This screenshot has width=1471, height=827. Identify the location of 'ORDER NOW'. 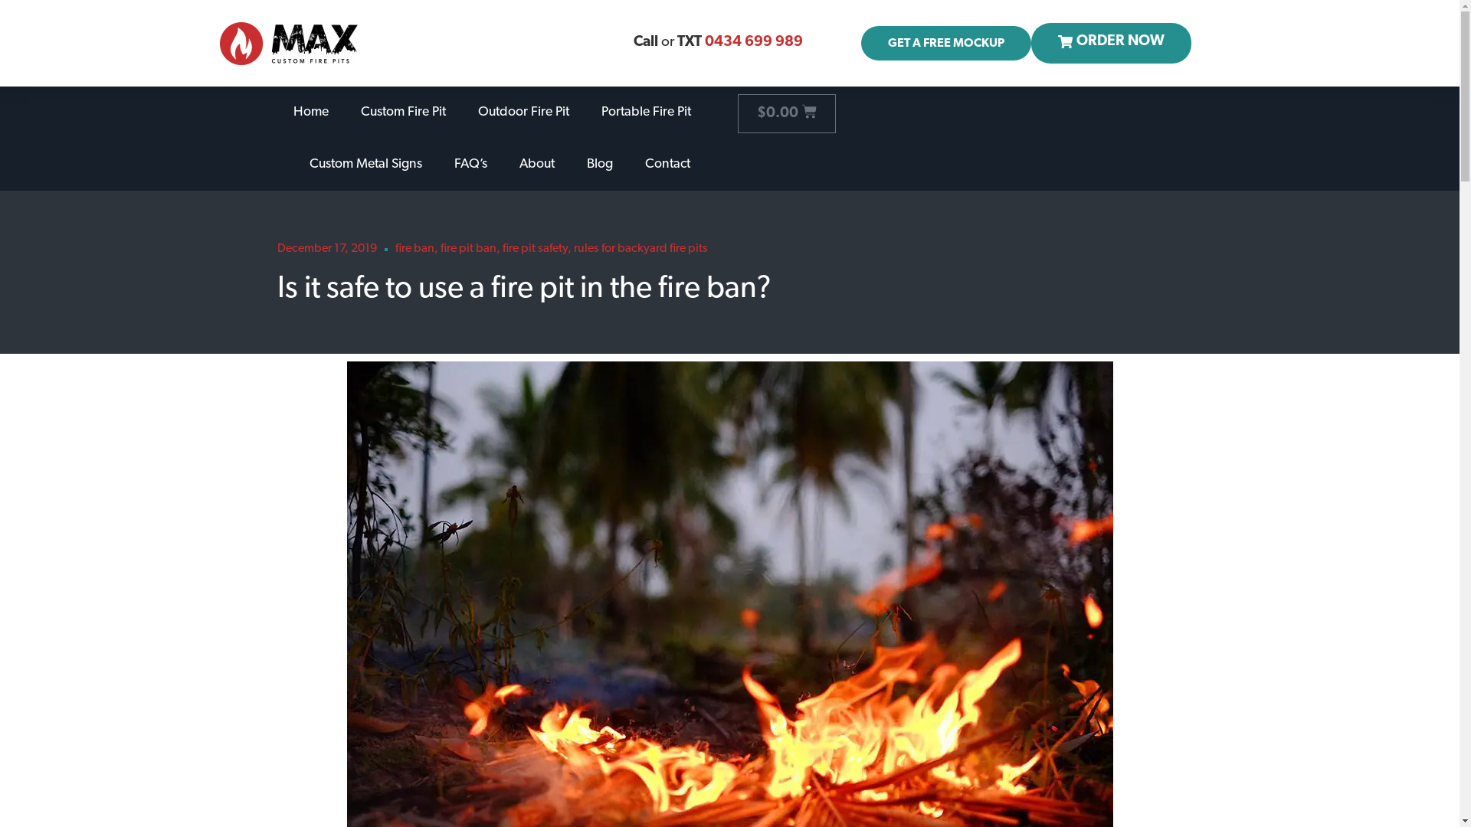
(1111, 42).